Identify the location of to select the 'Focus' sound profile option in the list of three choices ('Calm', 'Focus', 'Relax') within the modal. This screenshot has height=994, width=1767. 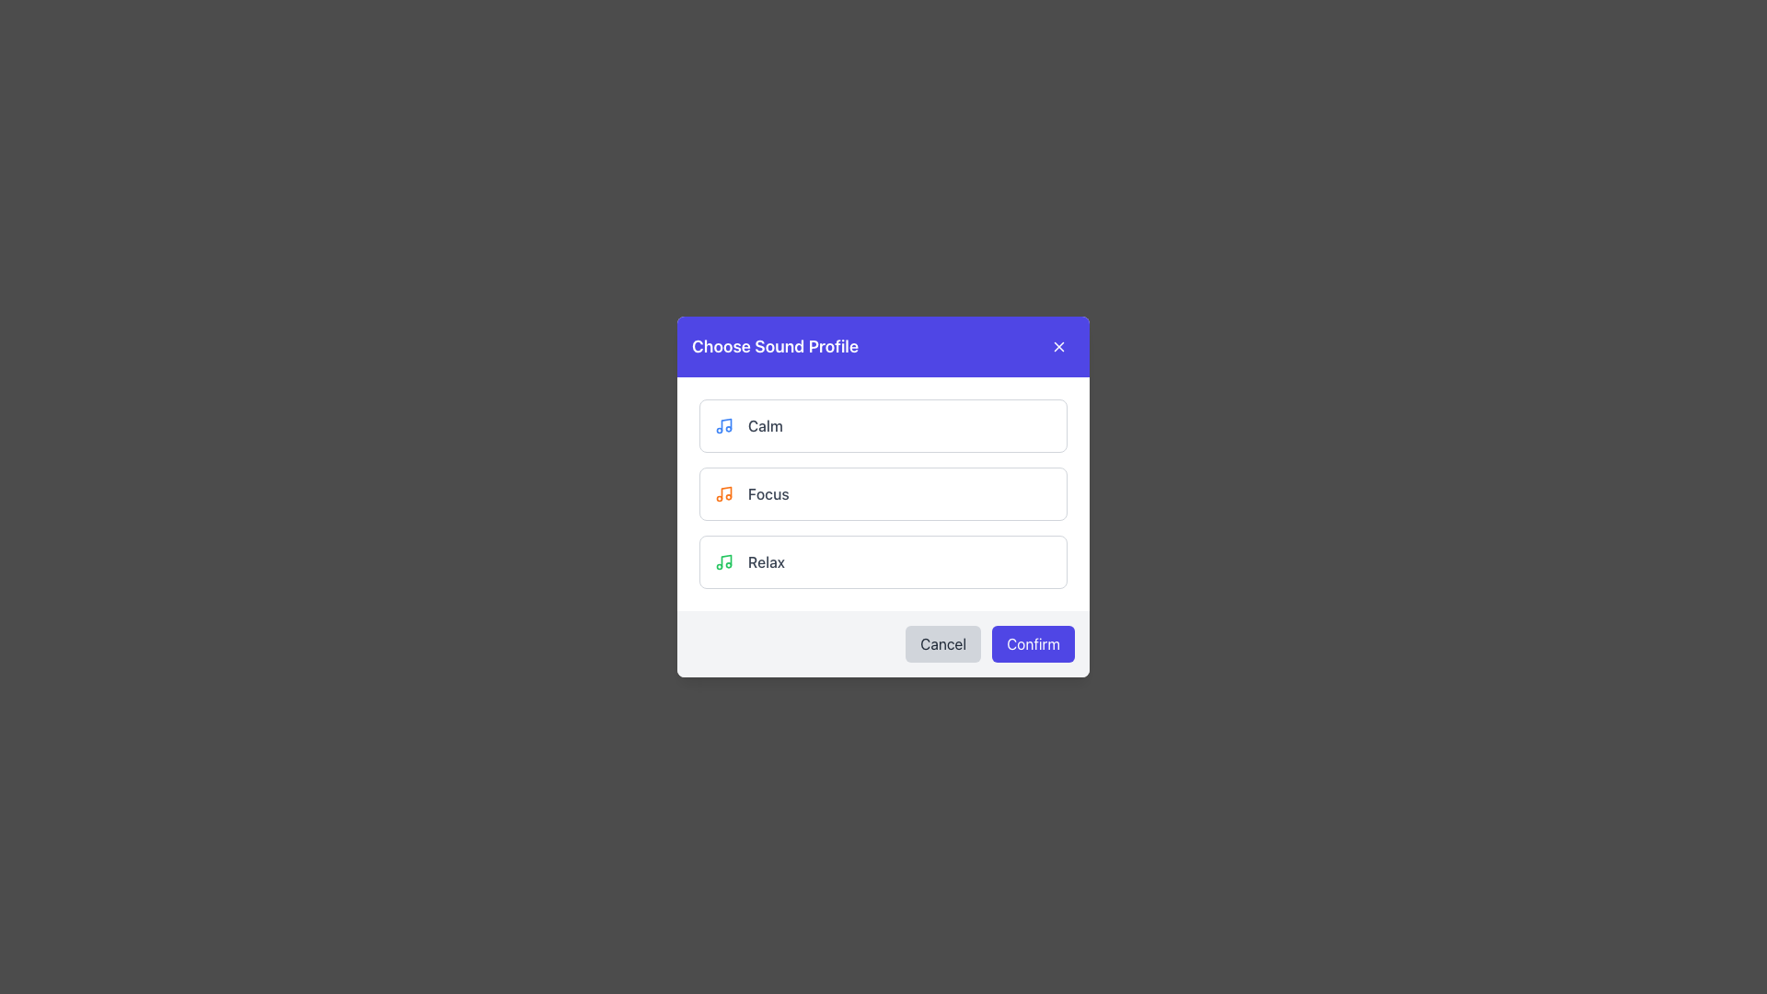
(883, 497).